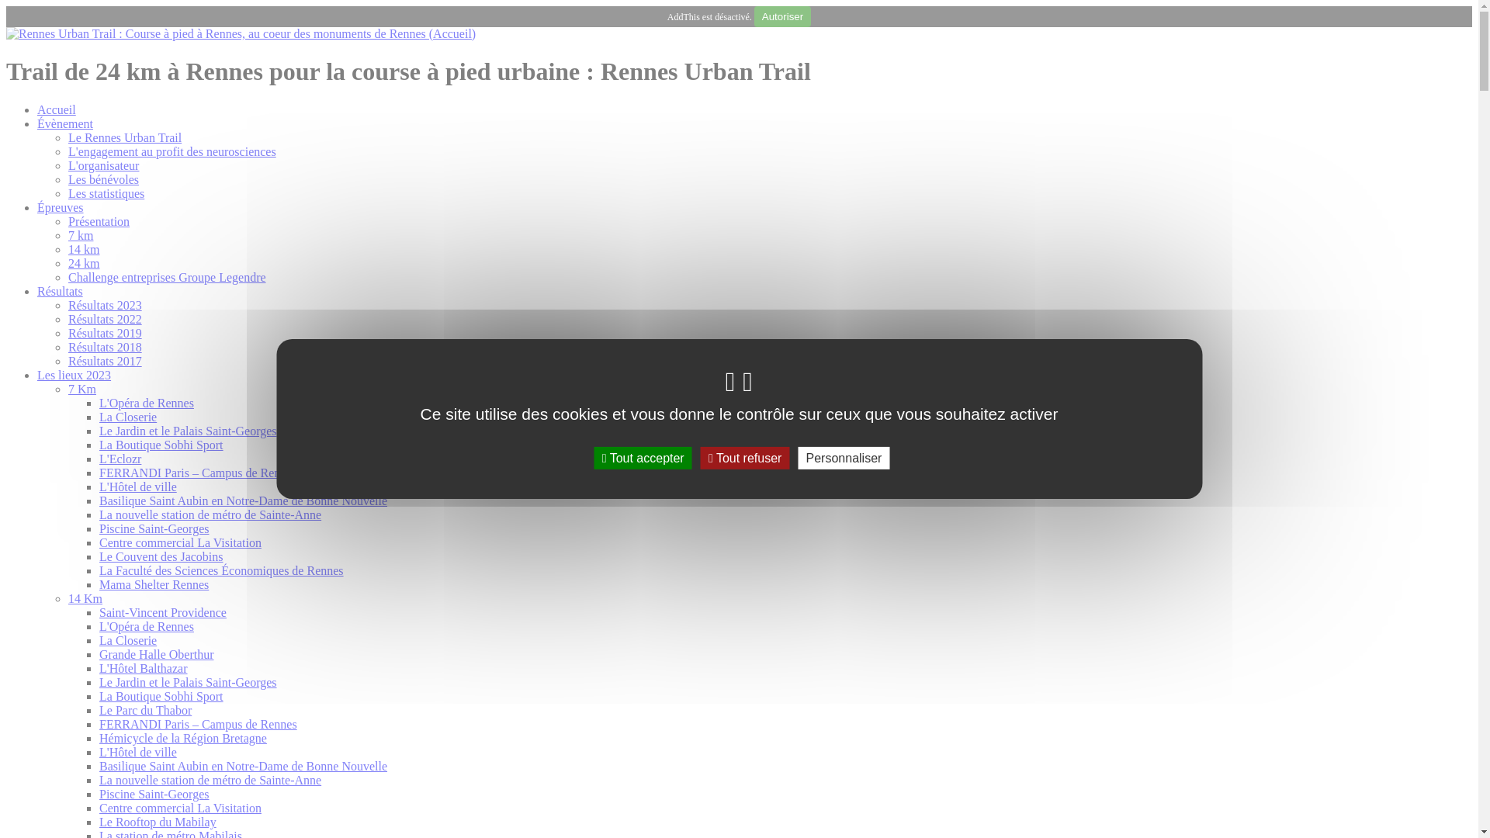 This screenshot has height=838, width=1490. What do you see at coordinates (844, 457) in the screenshot?
I see `'Personnaliser'` at bounding box center [844, 457].